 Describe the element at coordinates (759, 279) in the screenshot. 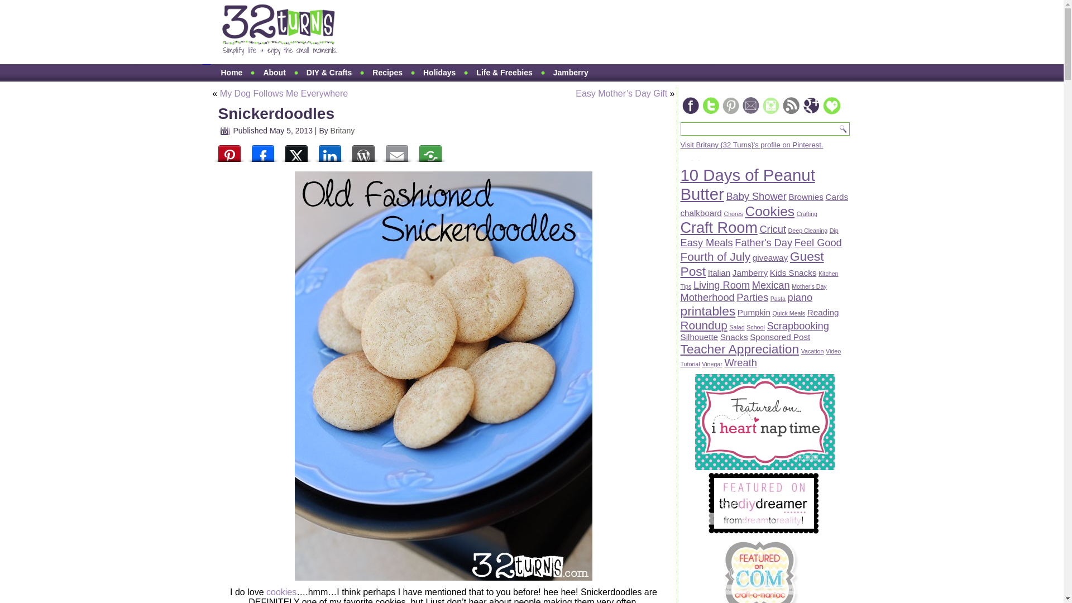

I see `'Kitchen Tips'` at that location.